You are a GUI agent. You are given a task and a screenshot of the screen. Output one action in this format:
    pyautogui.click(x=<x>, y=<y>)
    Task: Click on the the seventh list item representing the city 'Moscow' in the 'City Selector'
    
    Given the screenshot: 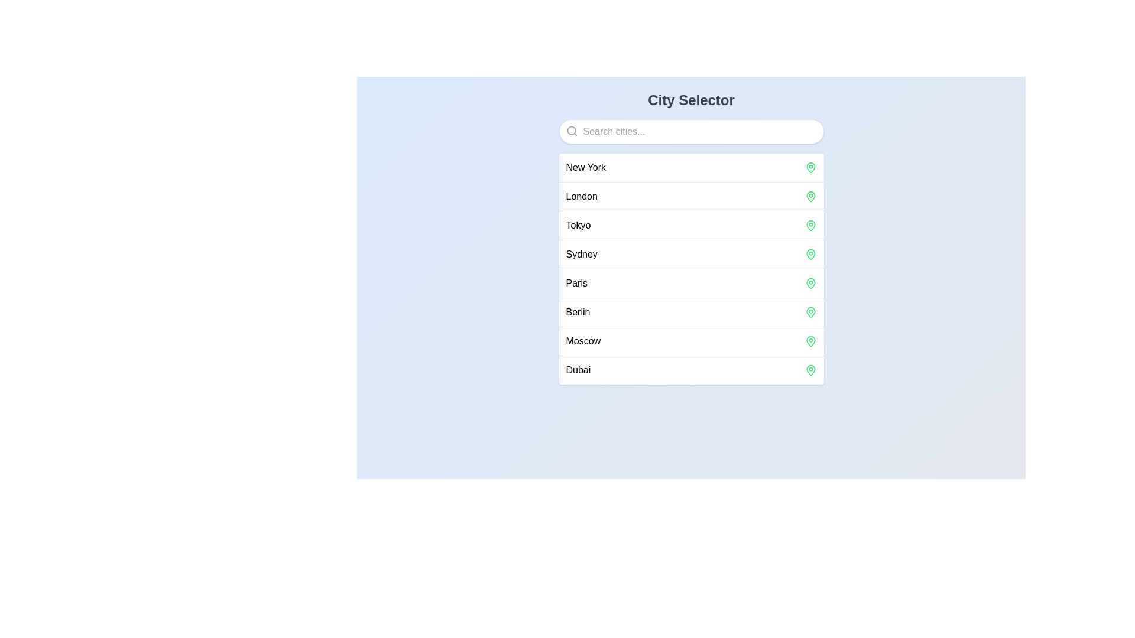 What is the action you would take?
    pyautogui.click(x=691, y=341)
    